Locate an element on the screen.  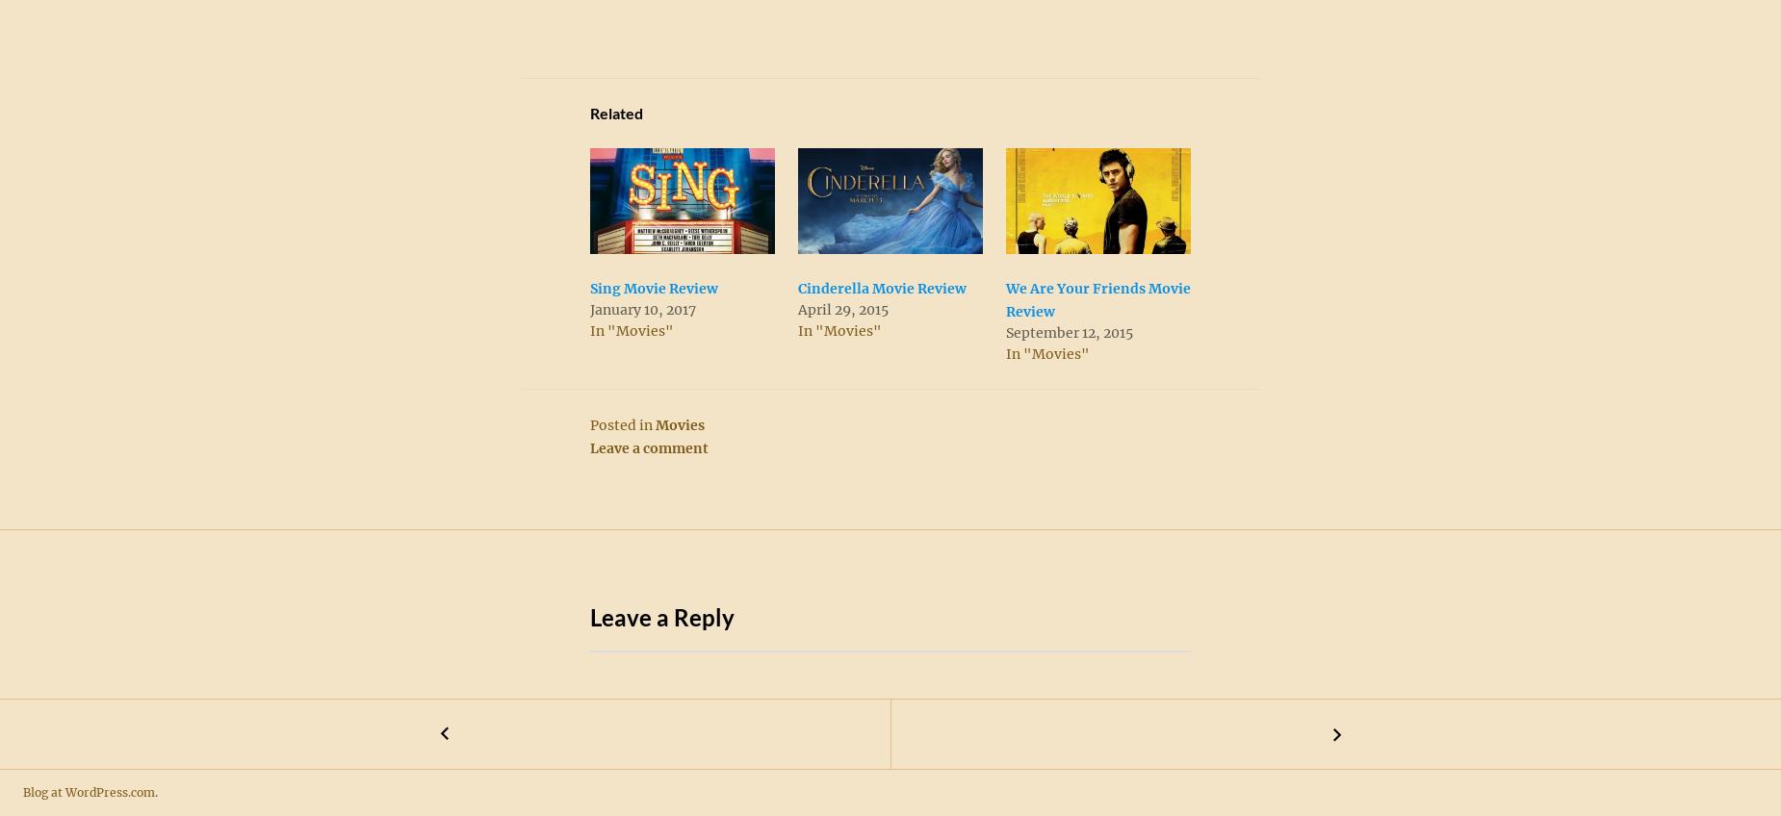
'Related' is located at coordinates (616, 112).